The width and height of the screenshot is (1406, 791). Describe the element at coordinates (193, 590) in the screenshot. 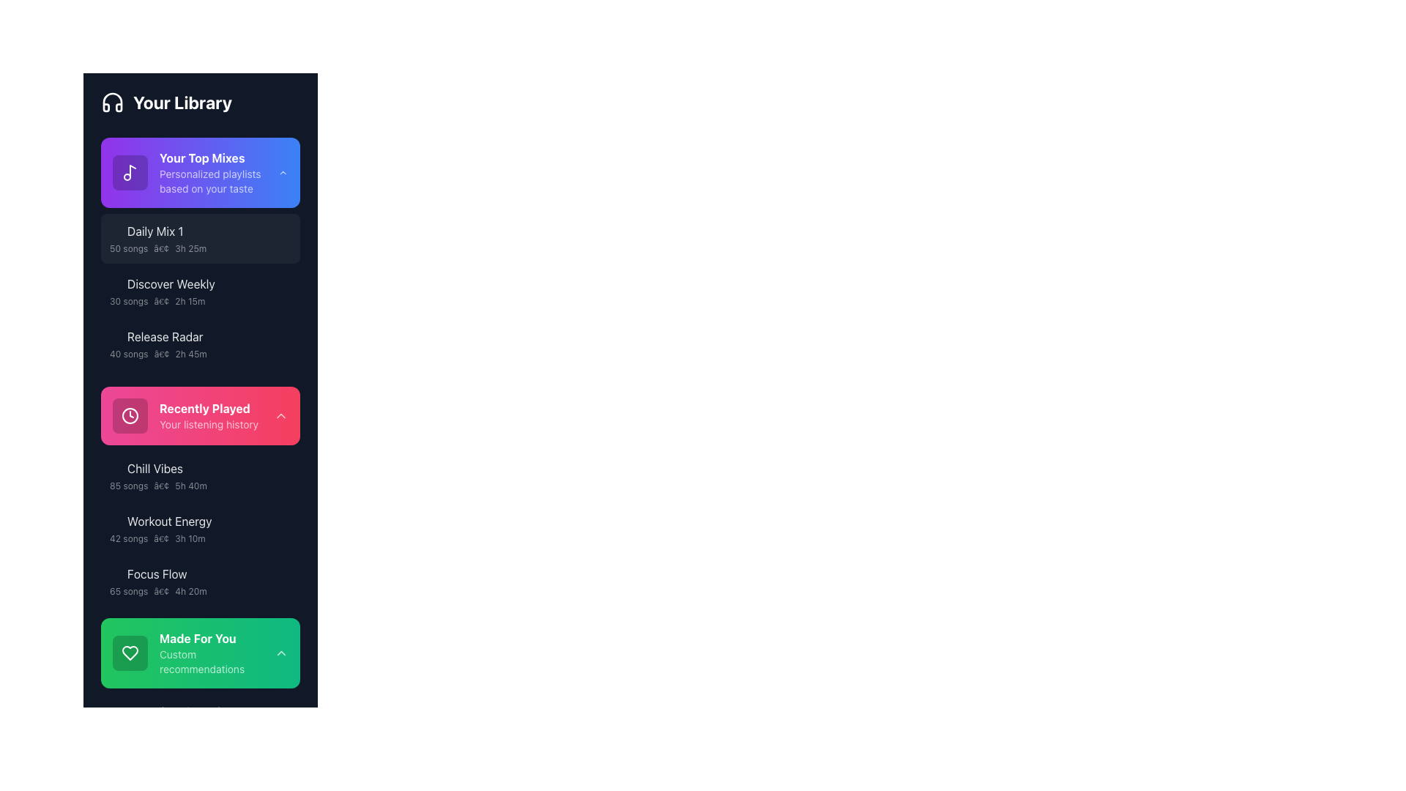

I see `metadata information display located beneath the 'Focus Flow' title, which shows the total number of songs and the combined duration of the playlist` at that location.